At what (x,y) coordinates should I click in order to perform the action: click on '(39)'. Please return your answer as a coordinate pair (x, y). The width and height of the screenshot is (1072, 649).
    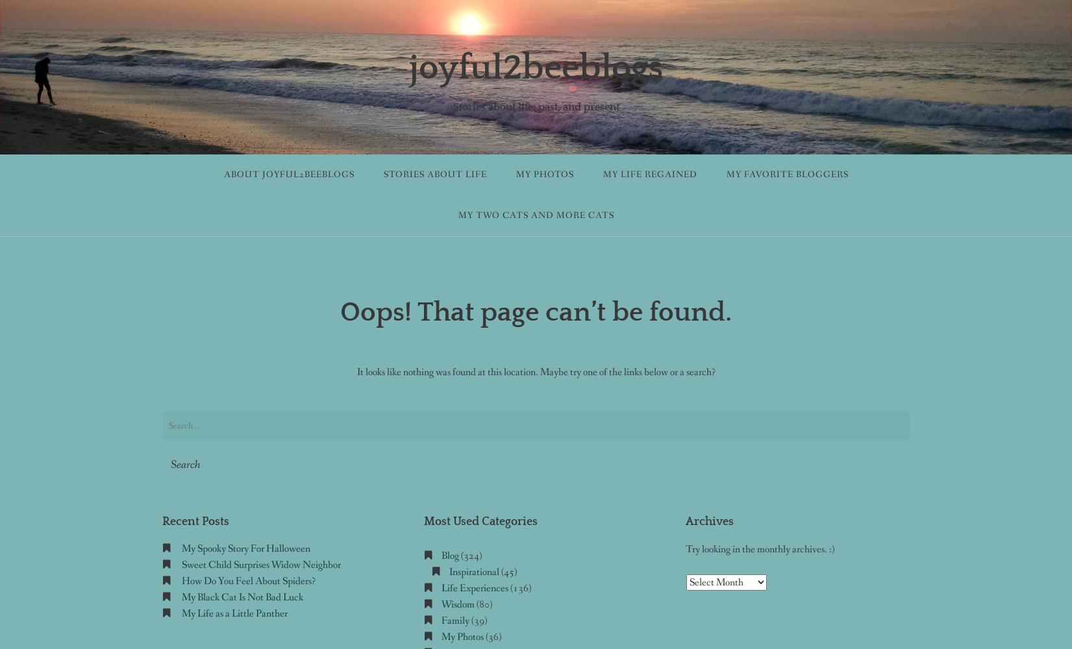
    Looking at the image, I should click on (477, 620).